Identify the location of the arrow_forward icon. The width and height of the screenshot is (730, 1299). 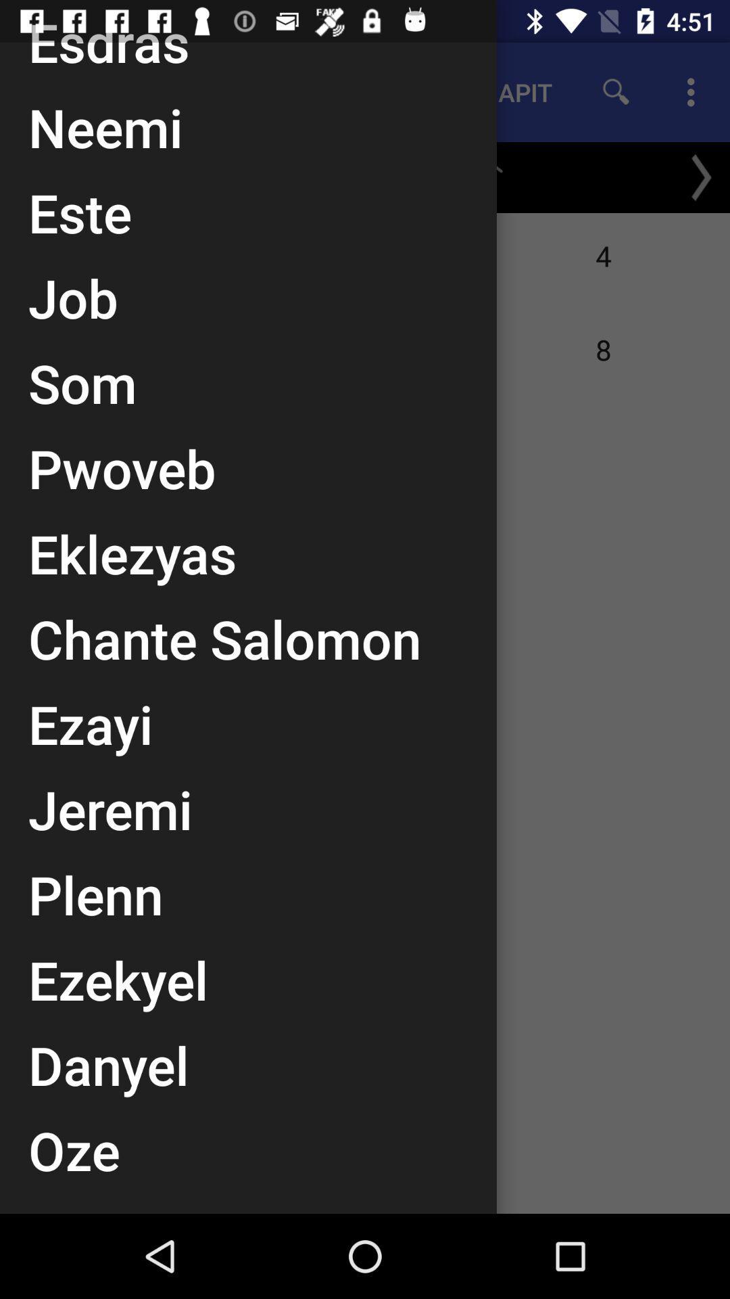
(700, 177).